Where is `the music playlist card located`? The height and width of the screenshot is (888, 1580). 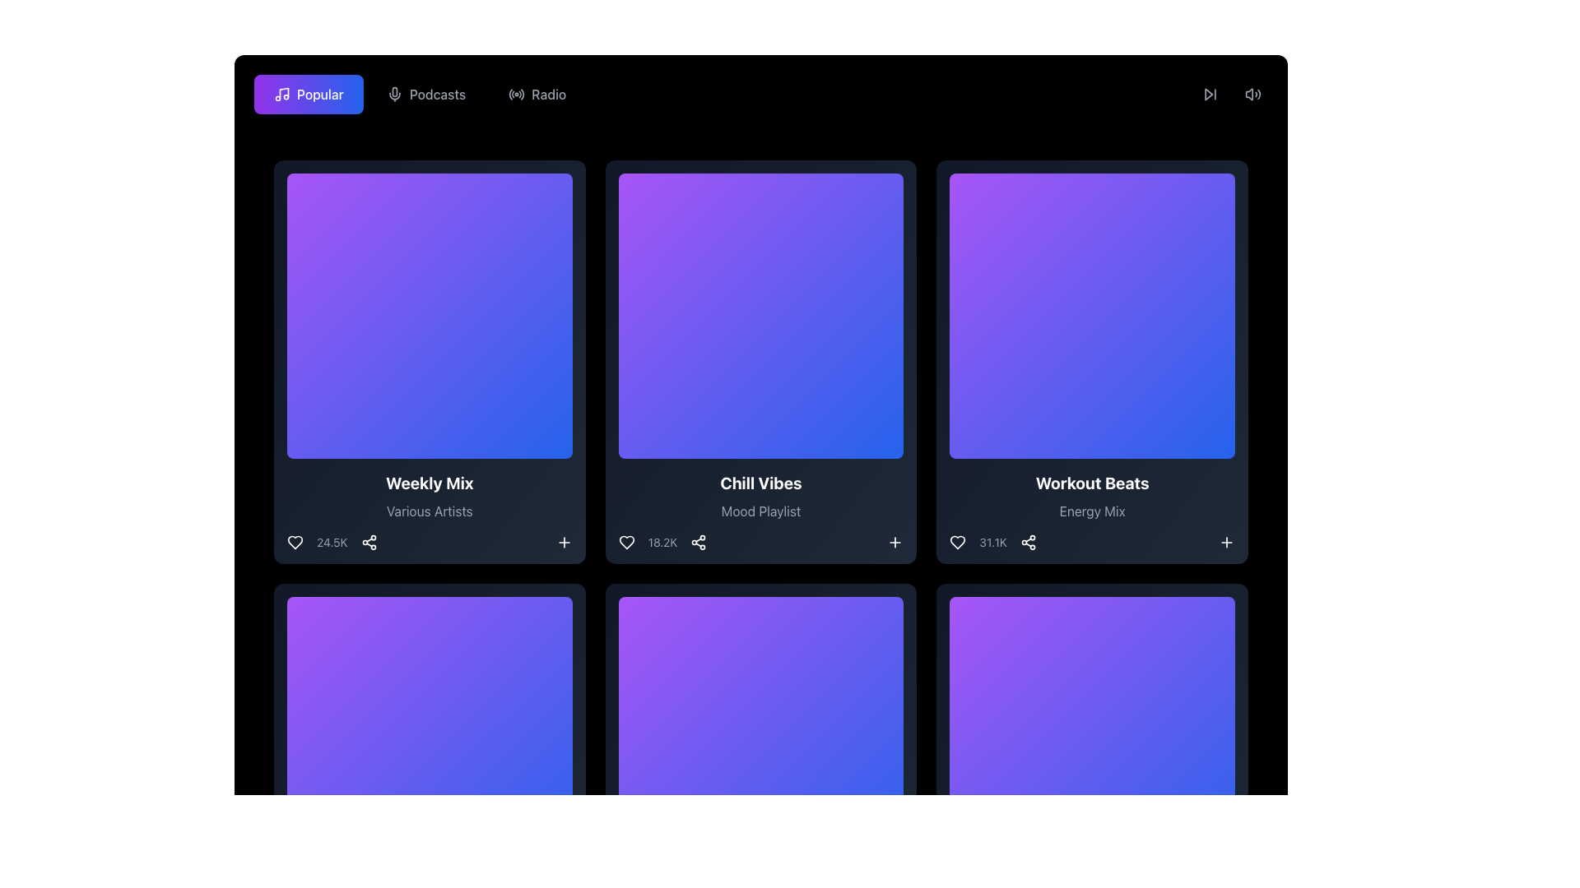 the music playlist card located is located at coordinates (760, 361).